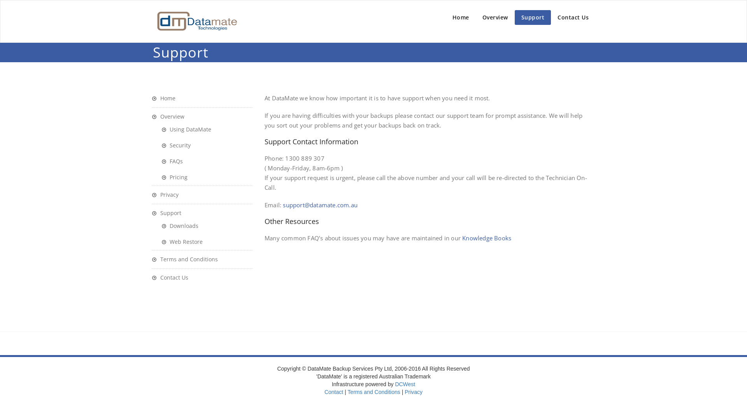 The height and width of the screenshot is (420, 747). Describe the element at coordinates (486, 238) in the screenshot. I see `'Knowledge Books'` at that location.